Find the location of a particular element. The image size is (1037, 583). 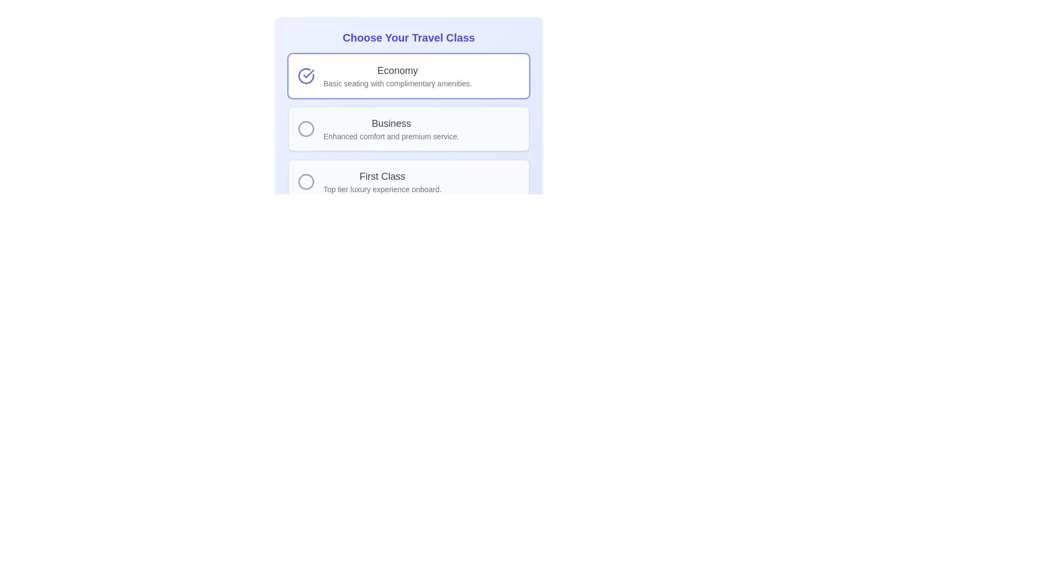

the 'Business' travel class option element, which is the second item in a vertically stacked list of options between 'Economy' and 'First Class' is located at coordinates (390, 128).